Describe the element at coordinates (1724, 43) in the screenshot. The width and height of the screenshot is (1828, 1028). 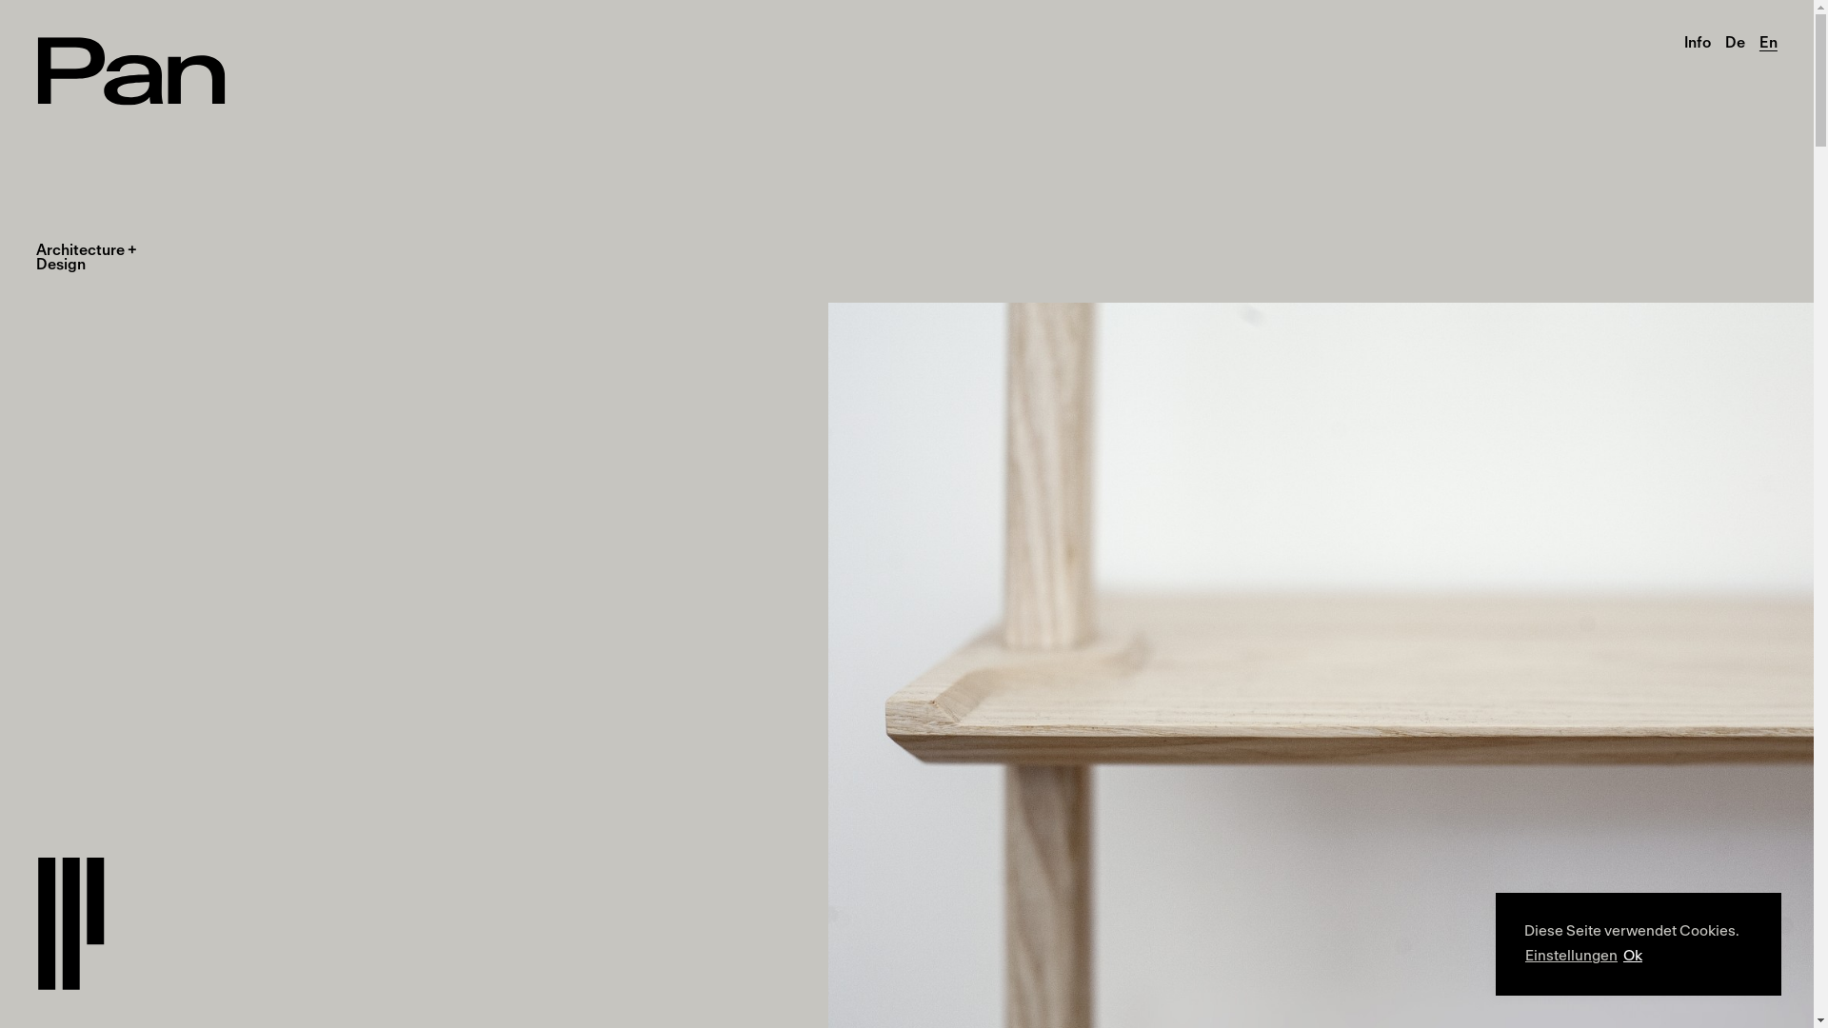
I see `'De'` at that location.